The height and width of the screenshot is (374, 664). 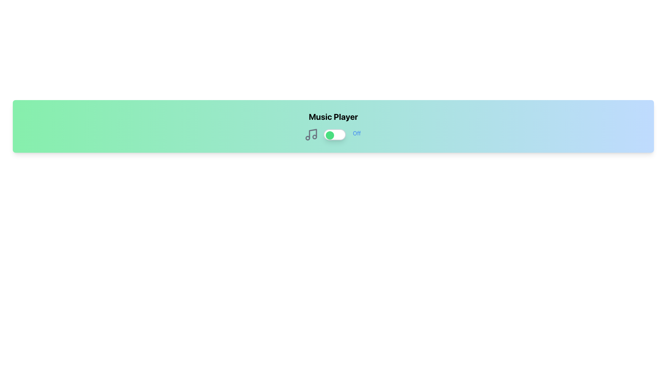 What do you see at coordinates (333, 135) in the screenshot?
I see `the toggle switch located between the music note icon and the 'Off' text` at bounding box center [333, 135].